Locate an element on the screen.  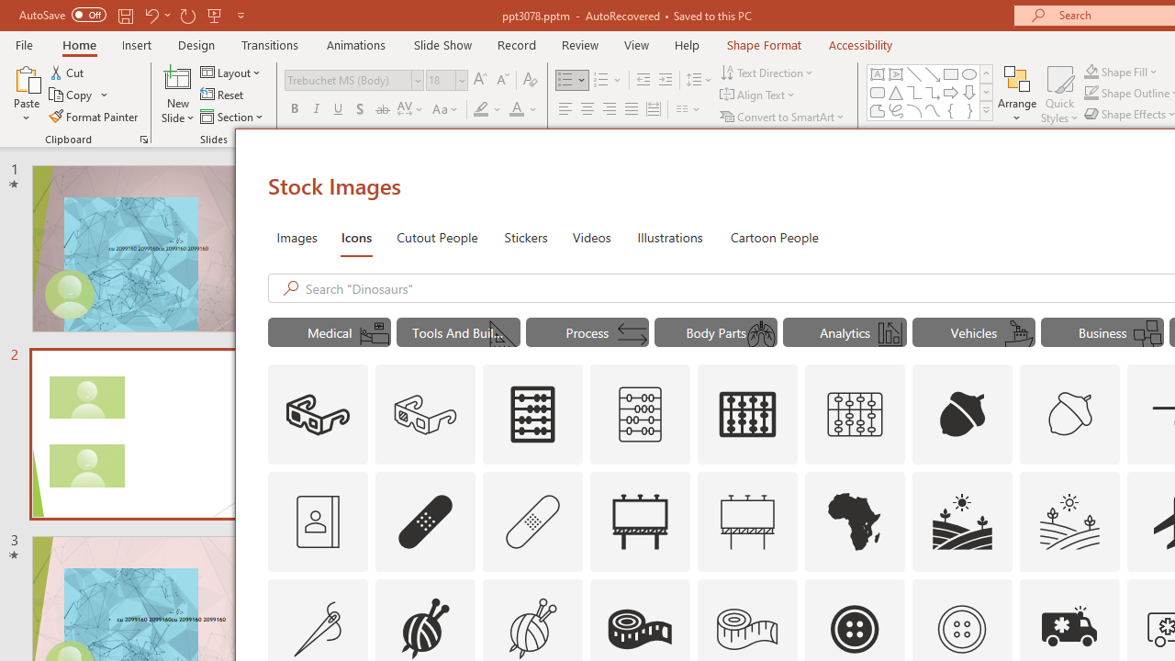
'AutomationID: Icons_Acorn_M' is located at coordinates (1070, 415).